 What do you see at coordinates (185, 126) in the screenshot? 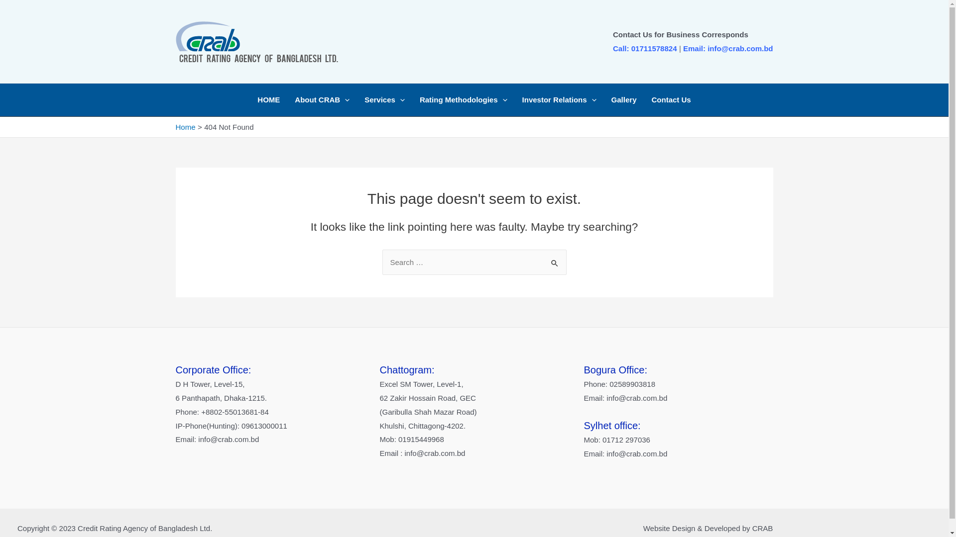
I see `'Home'` at bounding box center [185, 126].